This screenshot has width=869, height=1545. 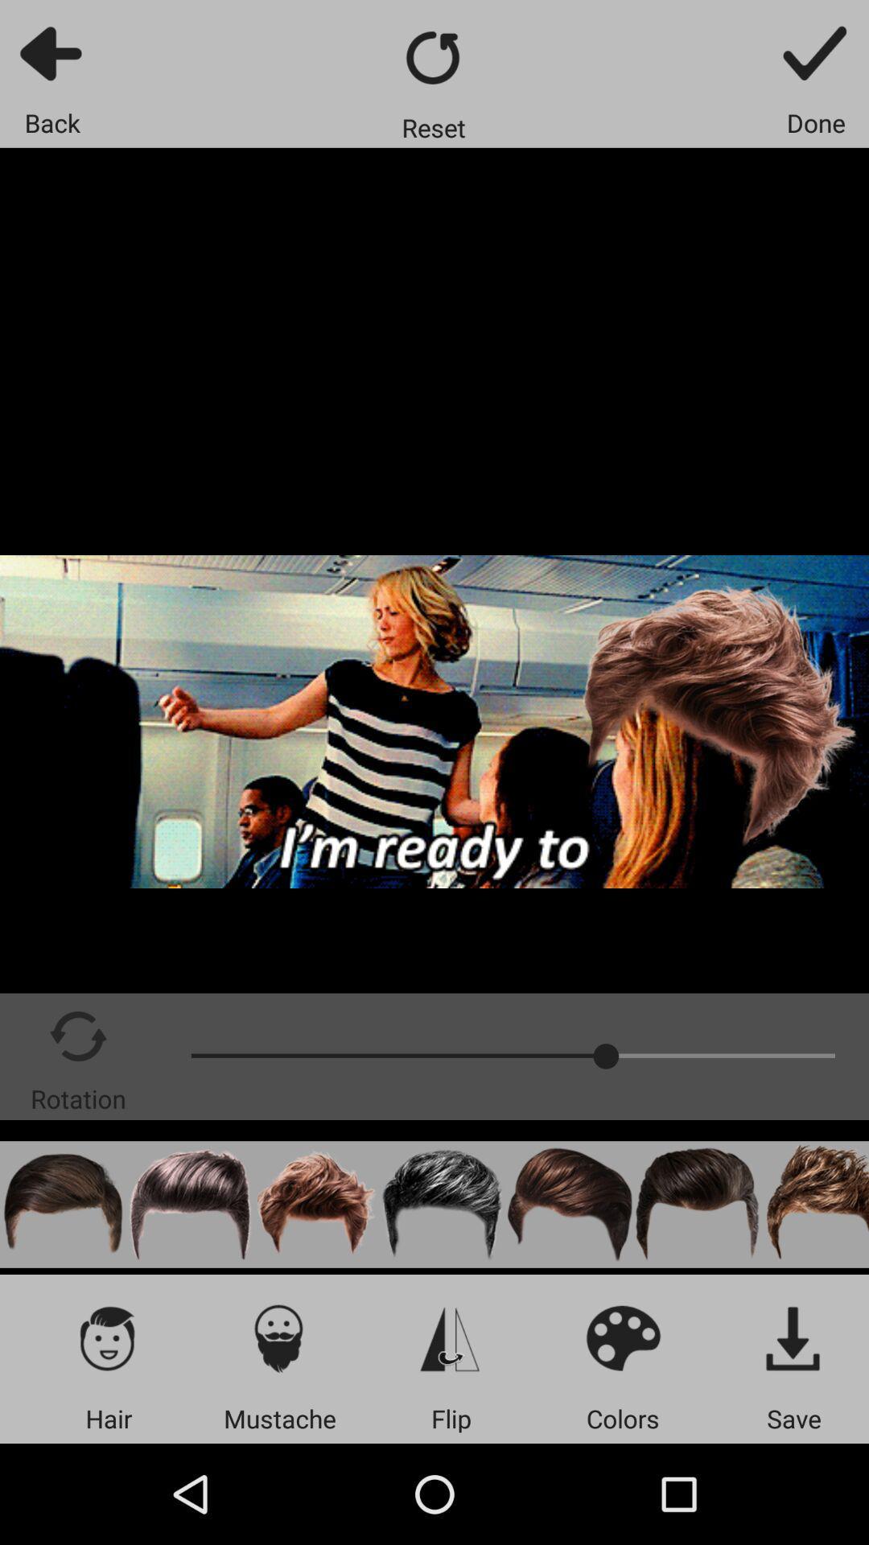 What do you see at coordinates (51, 52) in the screenshot?
I see `the arrow_backward icon` at bounding box center [51, 52].